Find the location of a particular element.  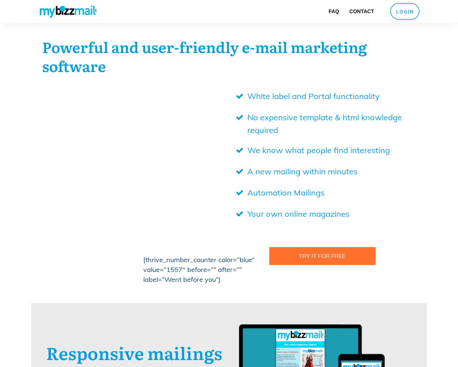

'Automation Mailings' is located at coordinates (247, 192).